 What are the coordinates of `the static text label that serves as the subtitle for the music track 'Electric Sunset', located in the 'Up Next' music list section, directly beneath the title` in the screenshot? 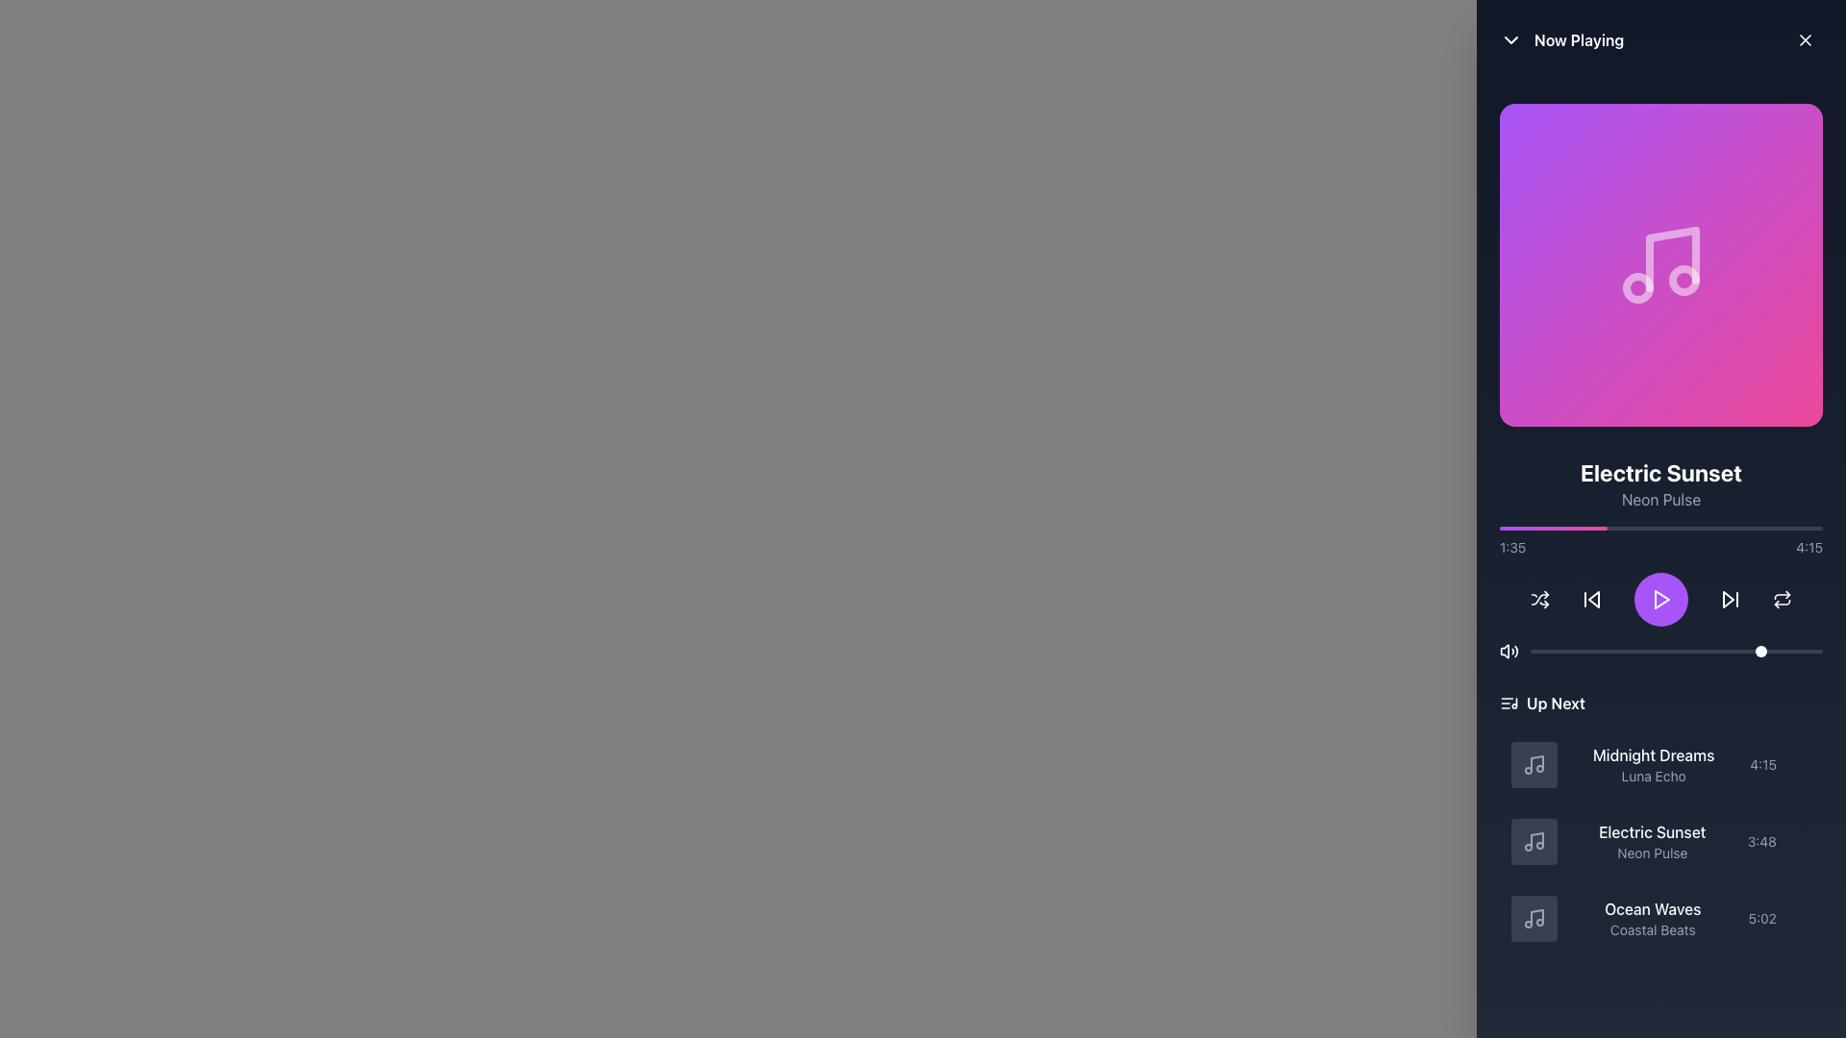 It's located at (1651, 852).